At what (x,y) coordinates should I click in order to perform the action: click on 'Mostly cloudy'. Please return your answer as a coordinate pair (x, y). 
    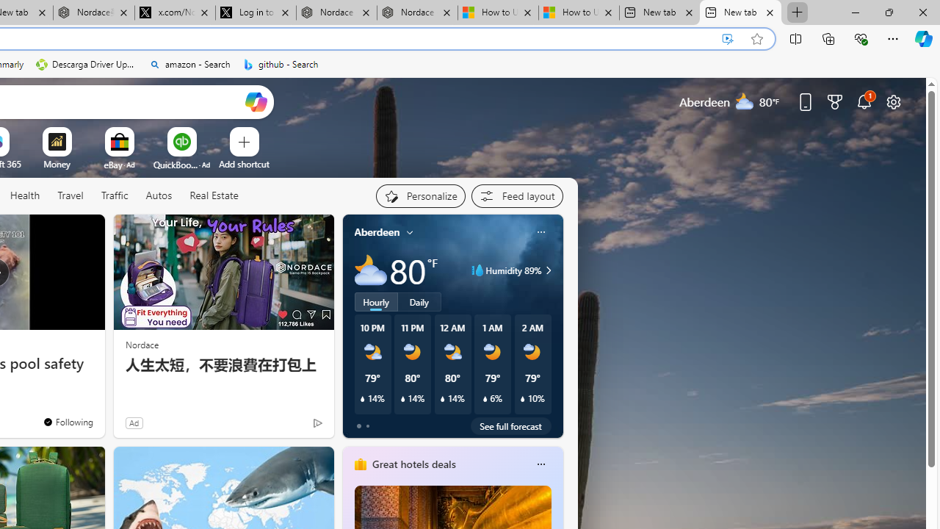
    Looking at the image, I should click on (370, 270).